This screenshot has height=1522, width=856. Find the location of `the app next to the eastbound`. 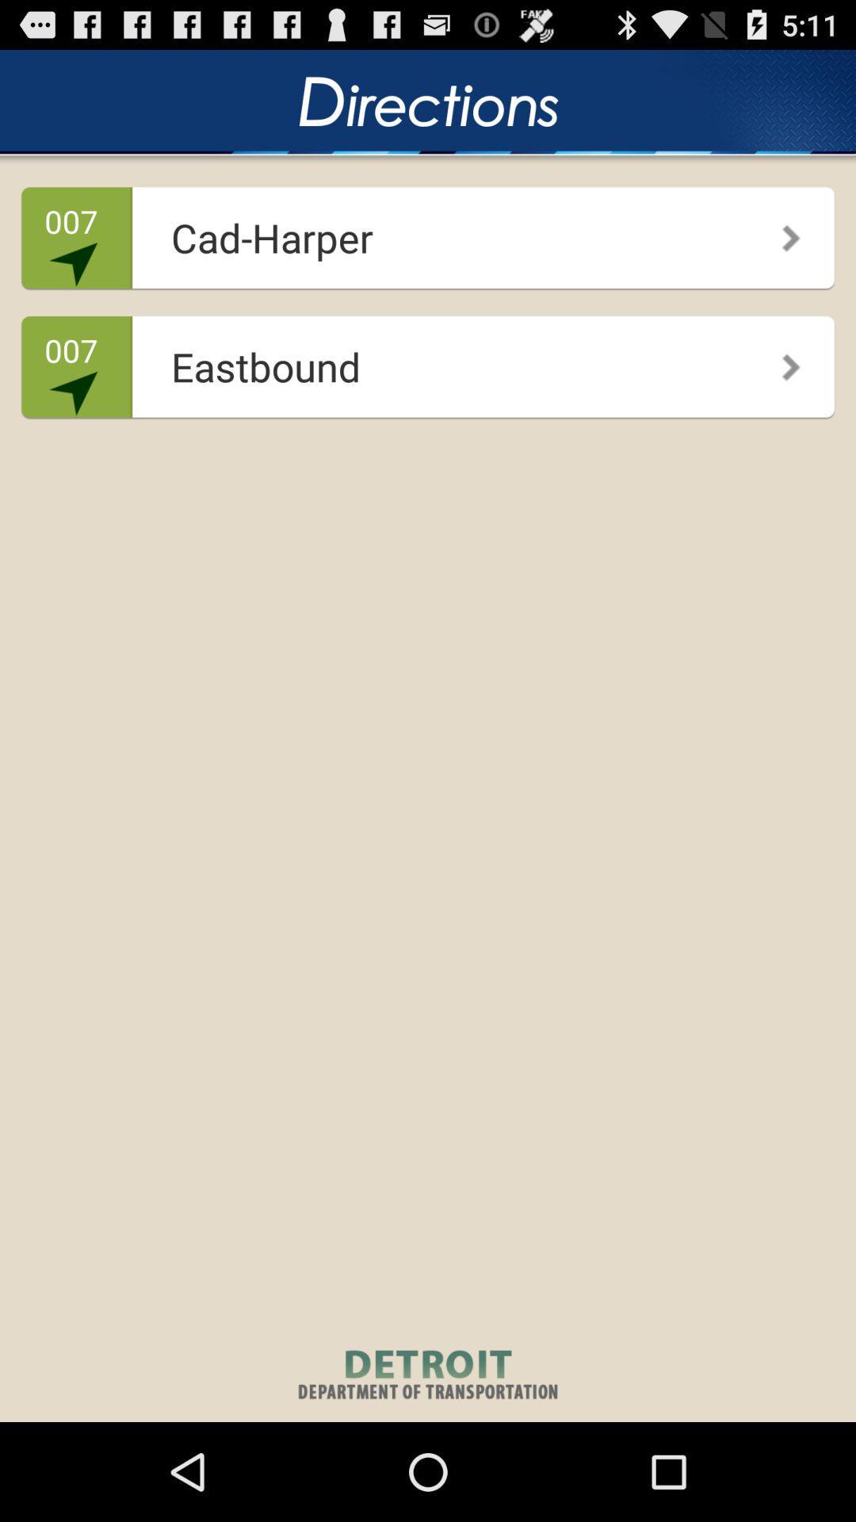

the app next to the eastbound is located at coordinates (779, 361).